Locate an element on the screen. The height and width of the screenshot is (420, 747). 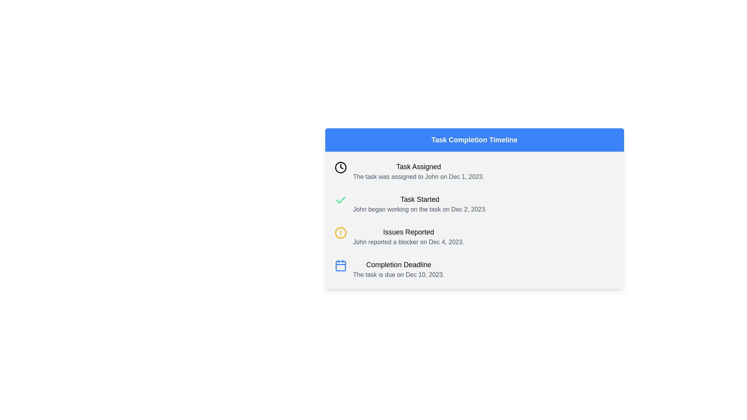
the two-line text block labeled 'Completion Deadline' that displays the due date 'The task is due on Dec 10, 2023' within the 'Task Completion Timeline' section is located at coordinates (398, 269).